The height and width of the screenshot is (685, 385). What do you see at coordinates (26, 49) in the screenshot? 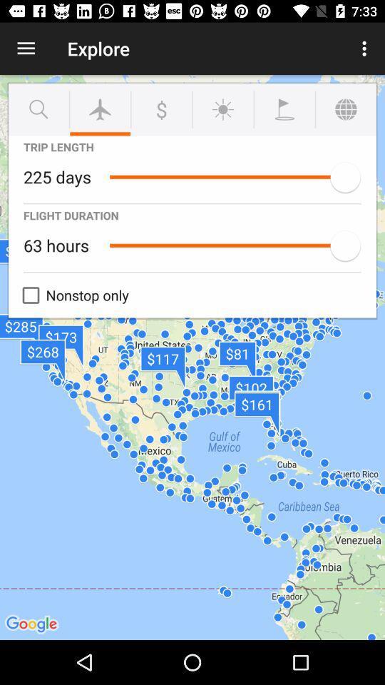
I see `the icon to the left of the explore item` at bounding box center [26, 49].